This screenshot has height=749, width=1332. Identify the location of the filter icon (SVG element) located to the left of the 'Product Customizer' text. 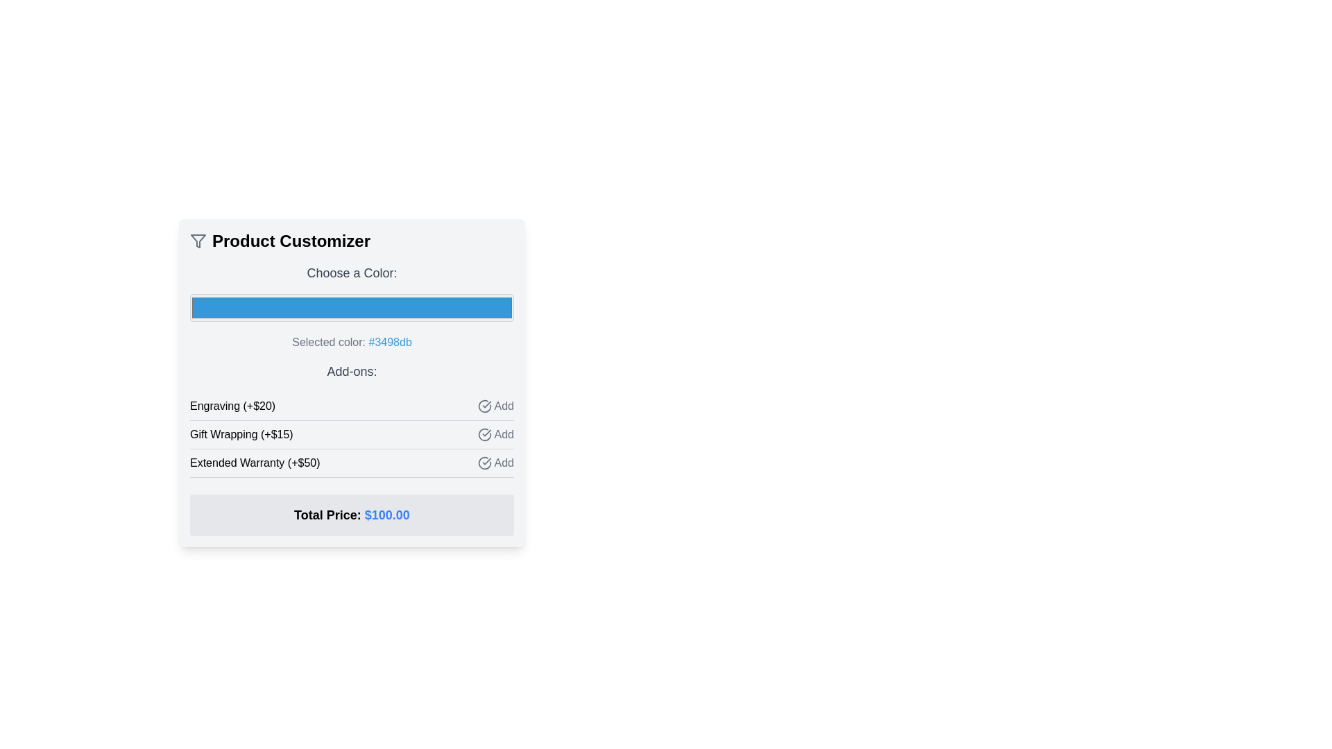
(198, 240).